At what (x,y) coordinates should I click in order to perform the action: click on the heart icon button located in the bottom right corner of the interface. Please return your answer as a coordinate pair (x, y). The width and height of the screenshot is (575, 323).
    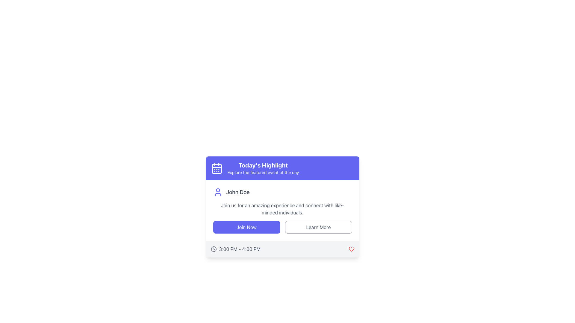
    Looking at the image, I should click on (351, 249).